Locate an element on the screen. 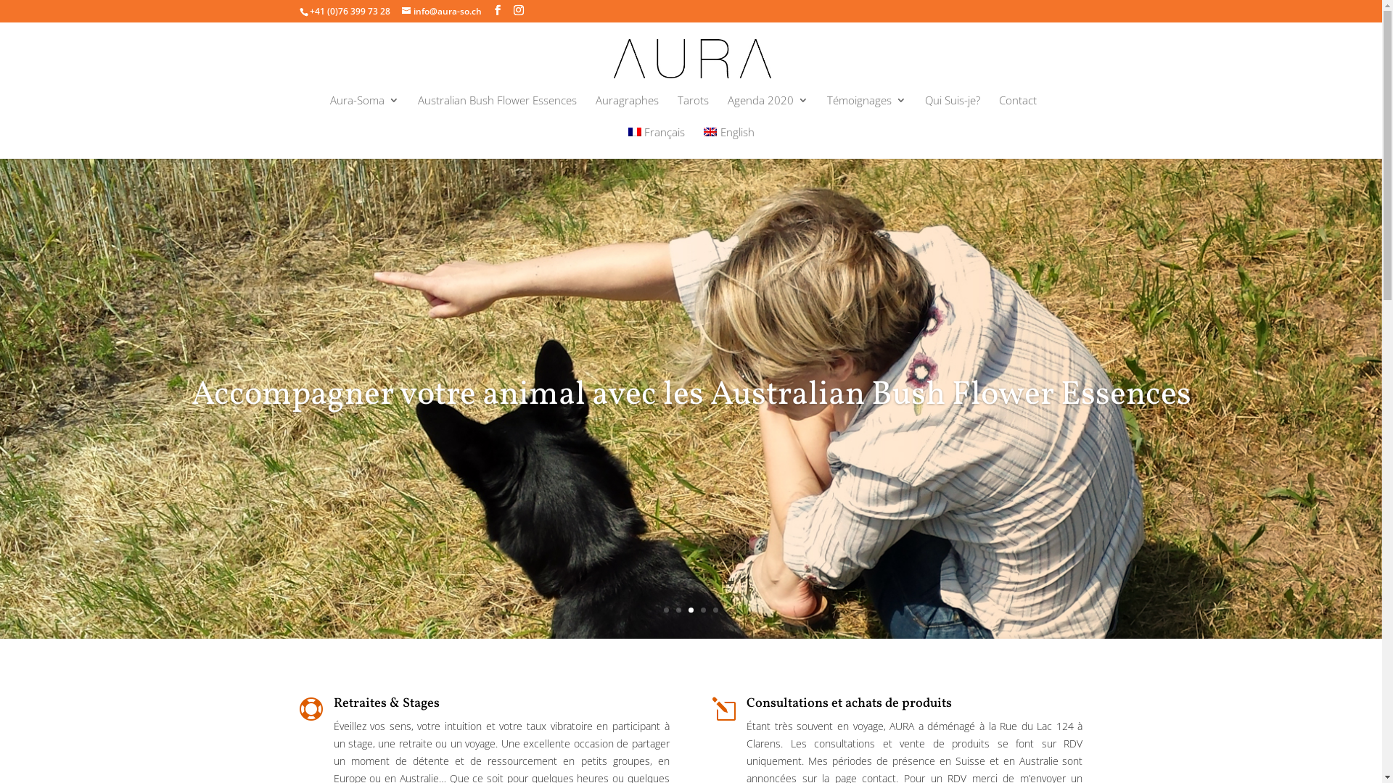 Image resolution: width=1393 pixels, height=783 pixels. 'Qui Suis-je?' is located at coordinates (951, 110).